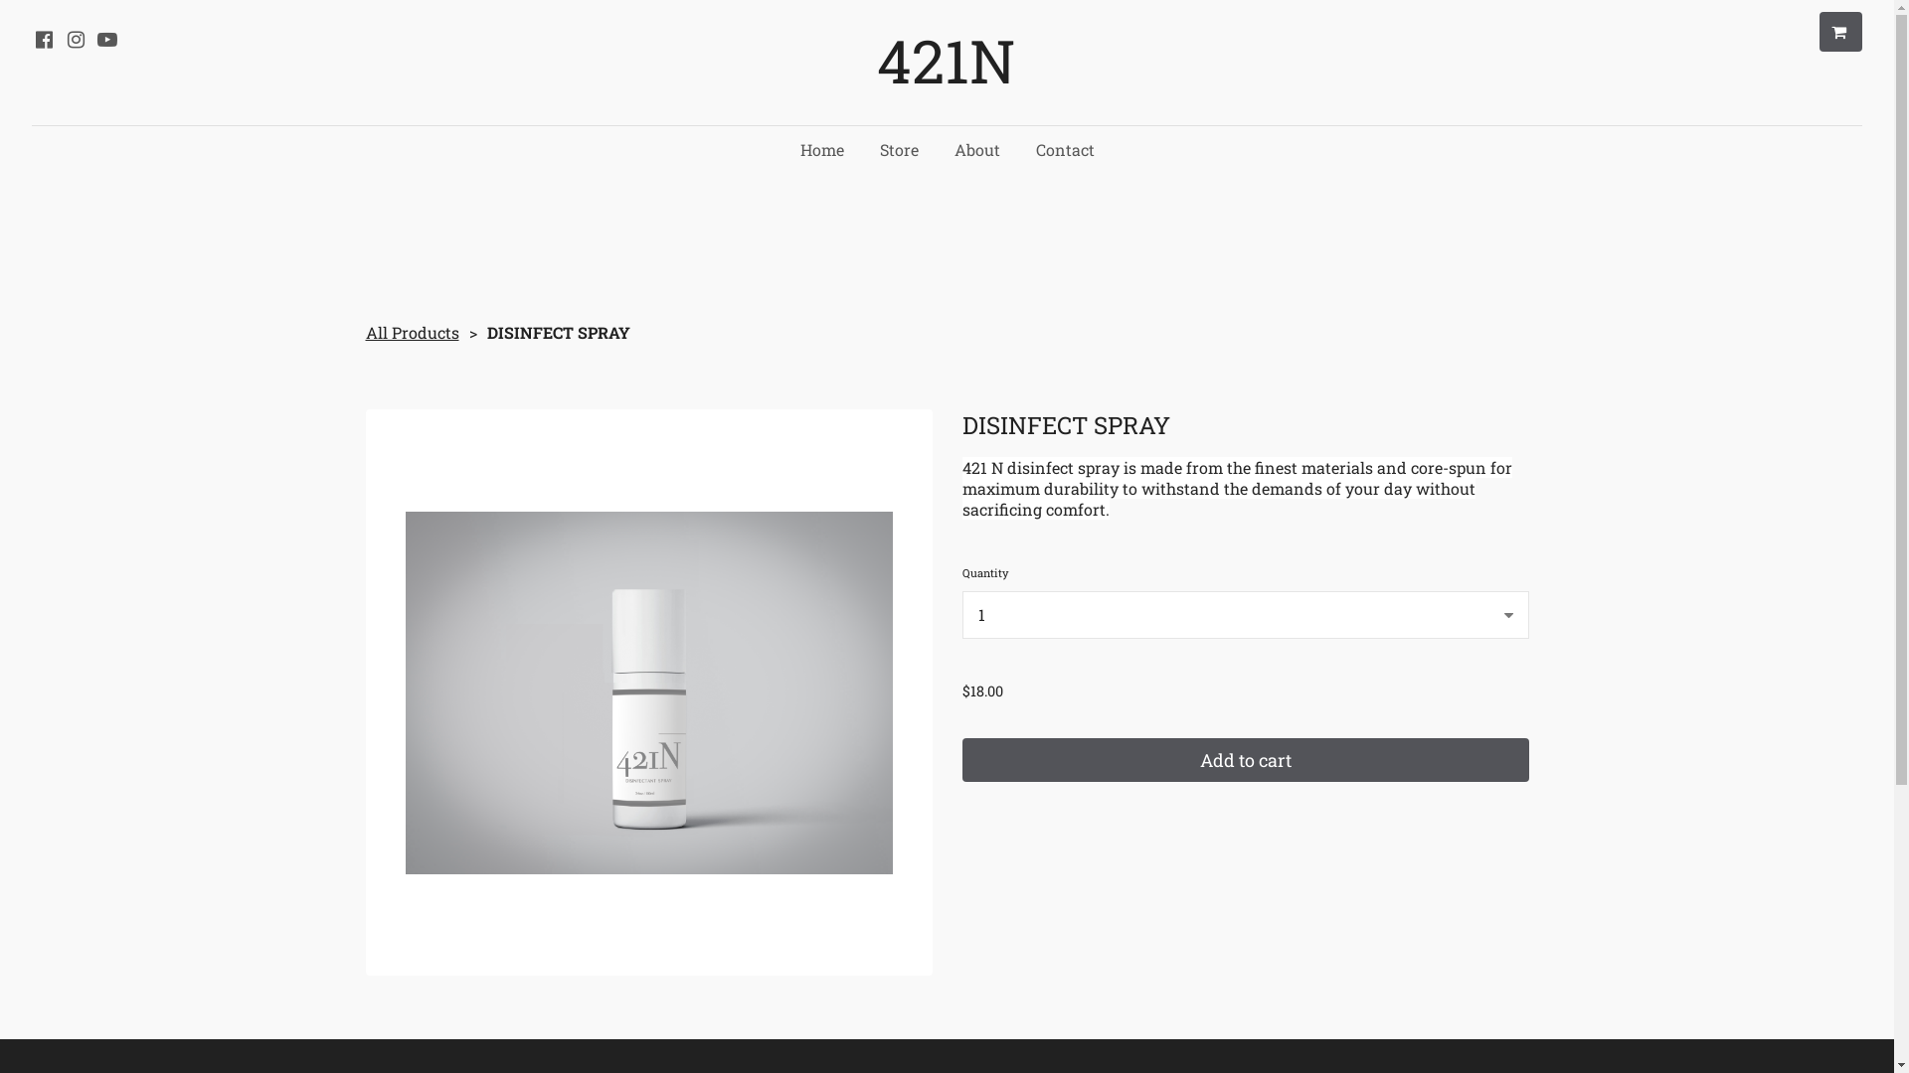  What do you see at coordinates (946, 60) in the screenshot?
I see `'421N'` at bounding box center [946, 60].